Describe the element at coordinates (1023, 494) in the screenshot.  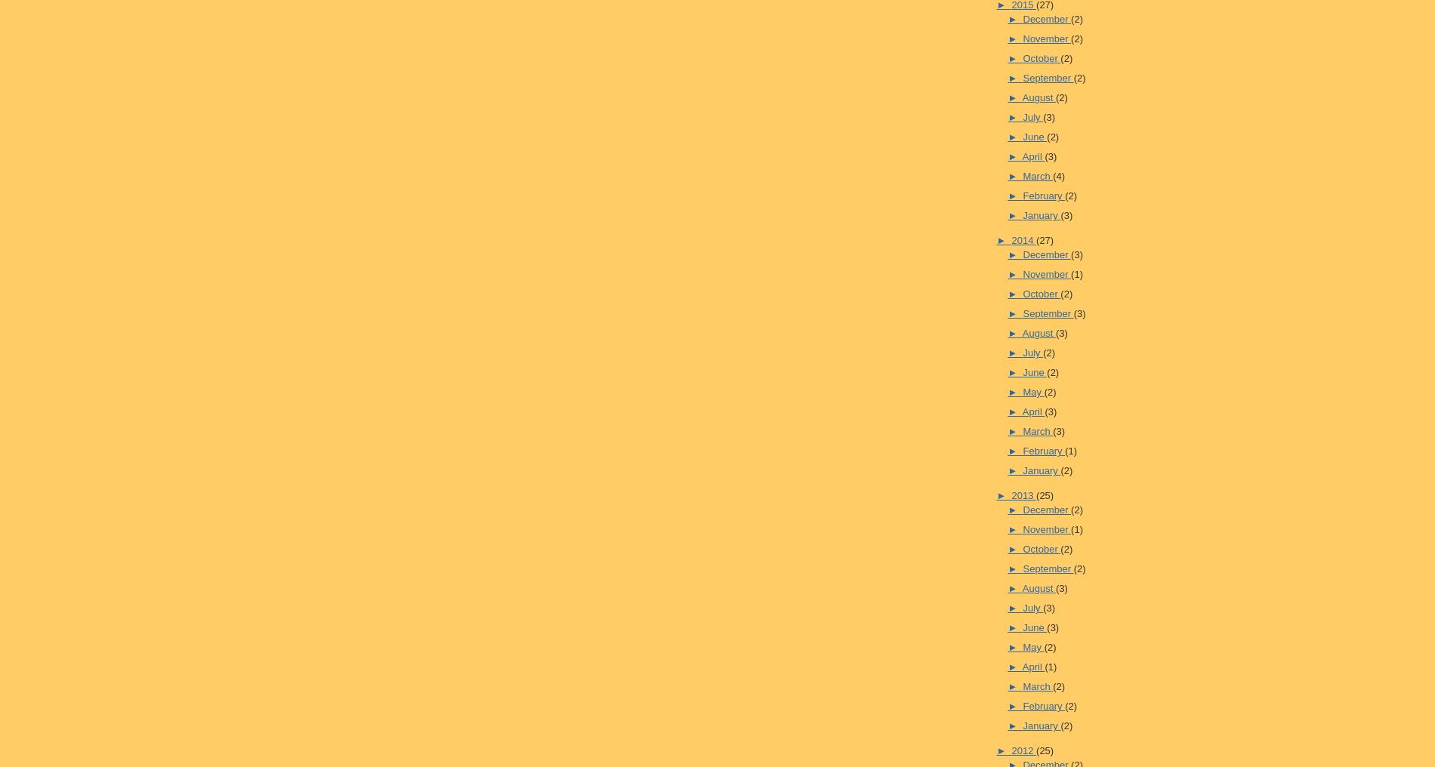
I see `'2013'` at that location.